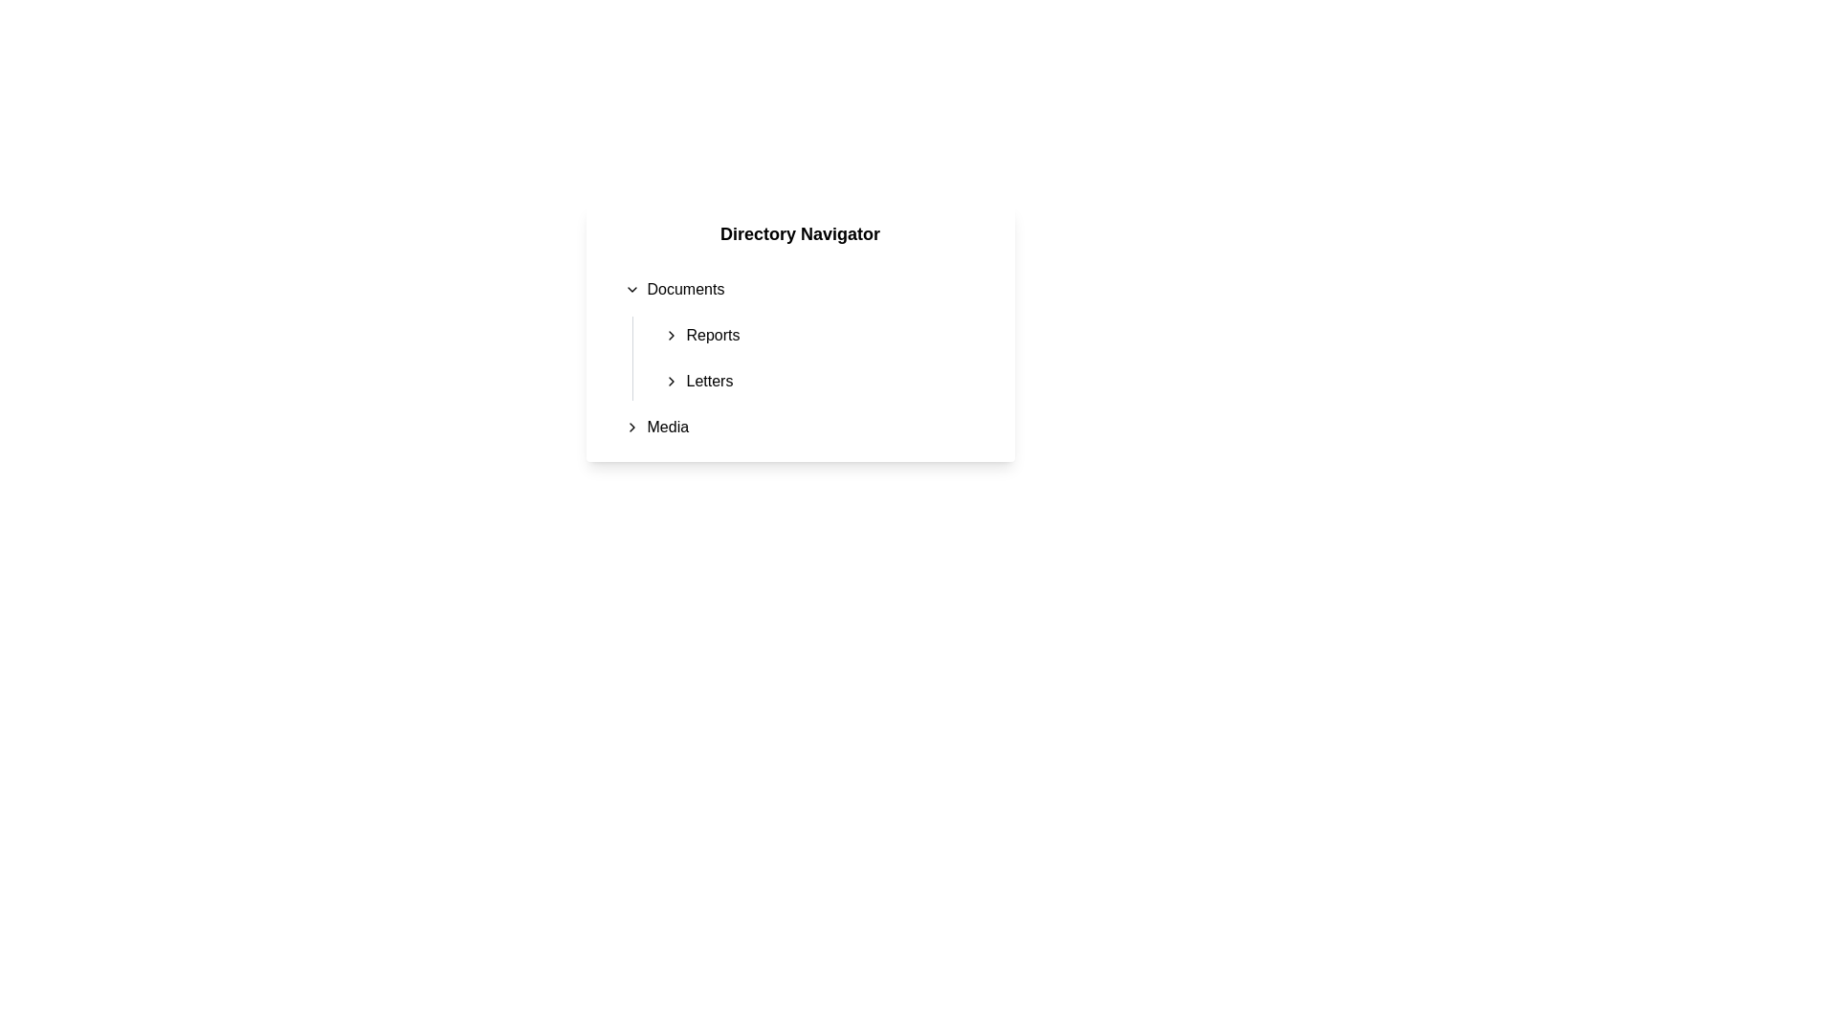  Describe the element at coordinates (712, 335) in the screenshot. I see `the text label that reads 'Reports', which is part of a list item in the 'Documents' dropdown of the 'Directory Navigator' panel` at that location.